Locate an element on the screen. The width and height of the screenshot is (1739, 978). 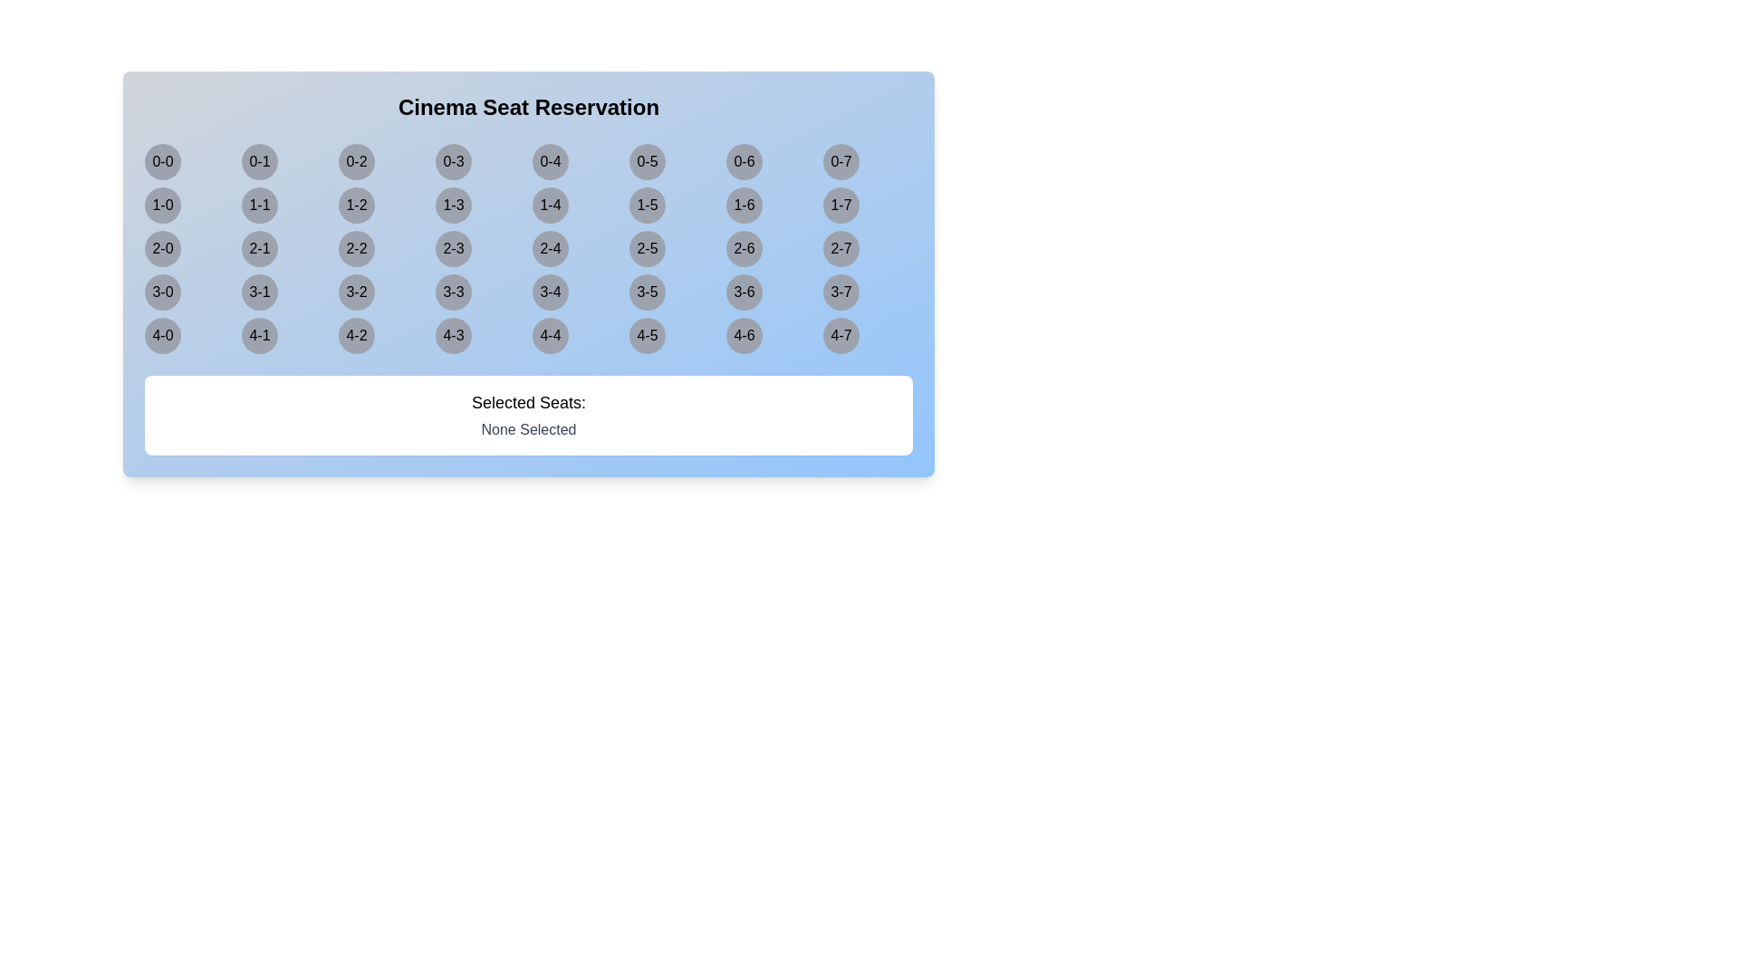
the circular button labeled '4-6' with a gray background located is located at coordinates (744, 335).